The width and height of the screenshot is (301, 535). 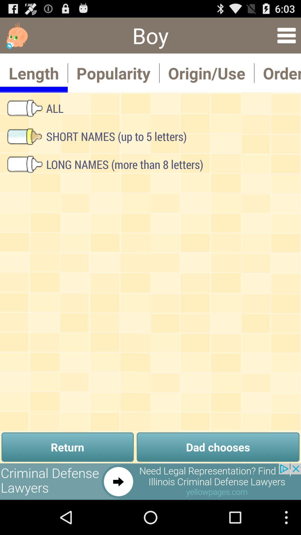 What do you see at coordinates (287, 38) in the screenshot?
I see `the menu icon` at bounding box center [287, 38].